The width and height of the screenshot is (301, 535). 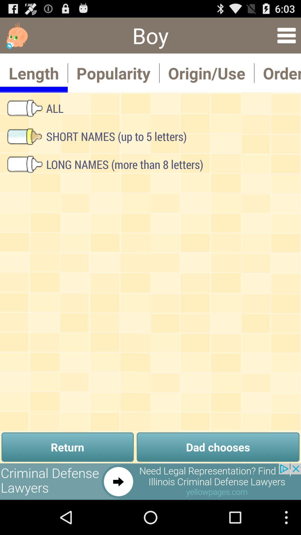 What do you see at coordinates (287, 38) in the screenshot?
I see `the menu icon` at bounding box center [287, 38].